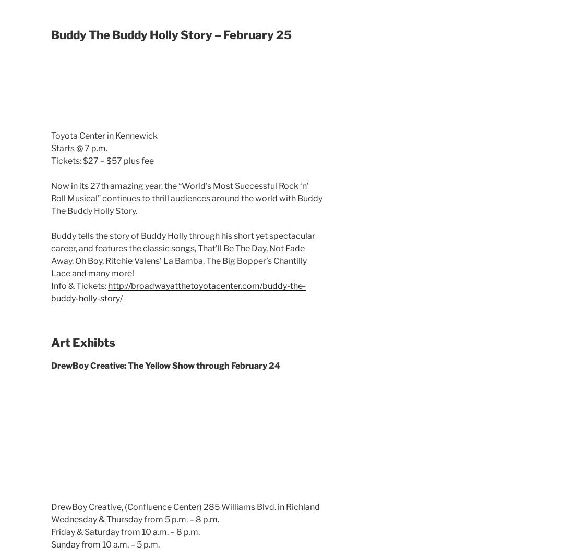  What do you see at coordinates (79, 148) in the screenshot?
I see `'Starts @ 7 p.m.'` at bounding box center [79, 148].